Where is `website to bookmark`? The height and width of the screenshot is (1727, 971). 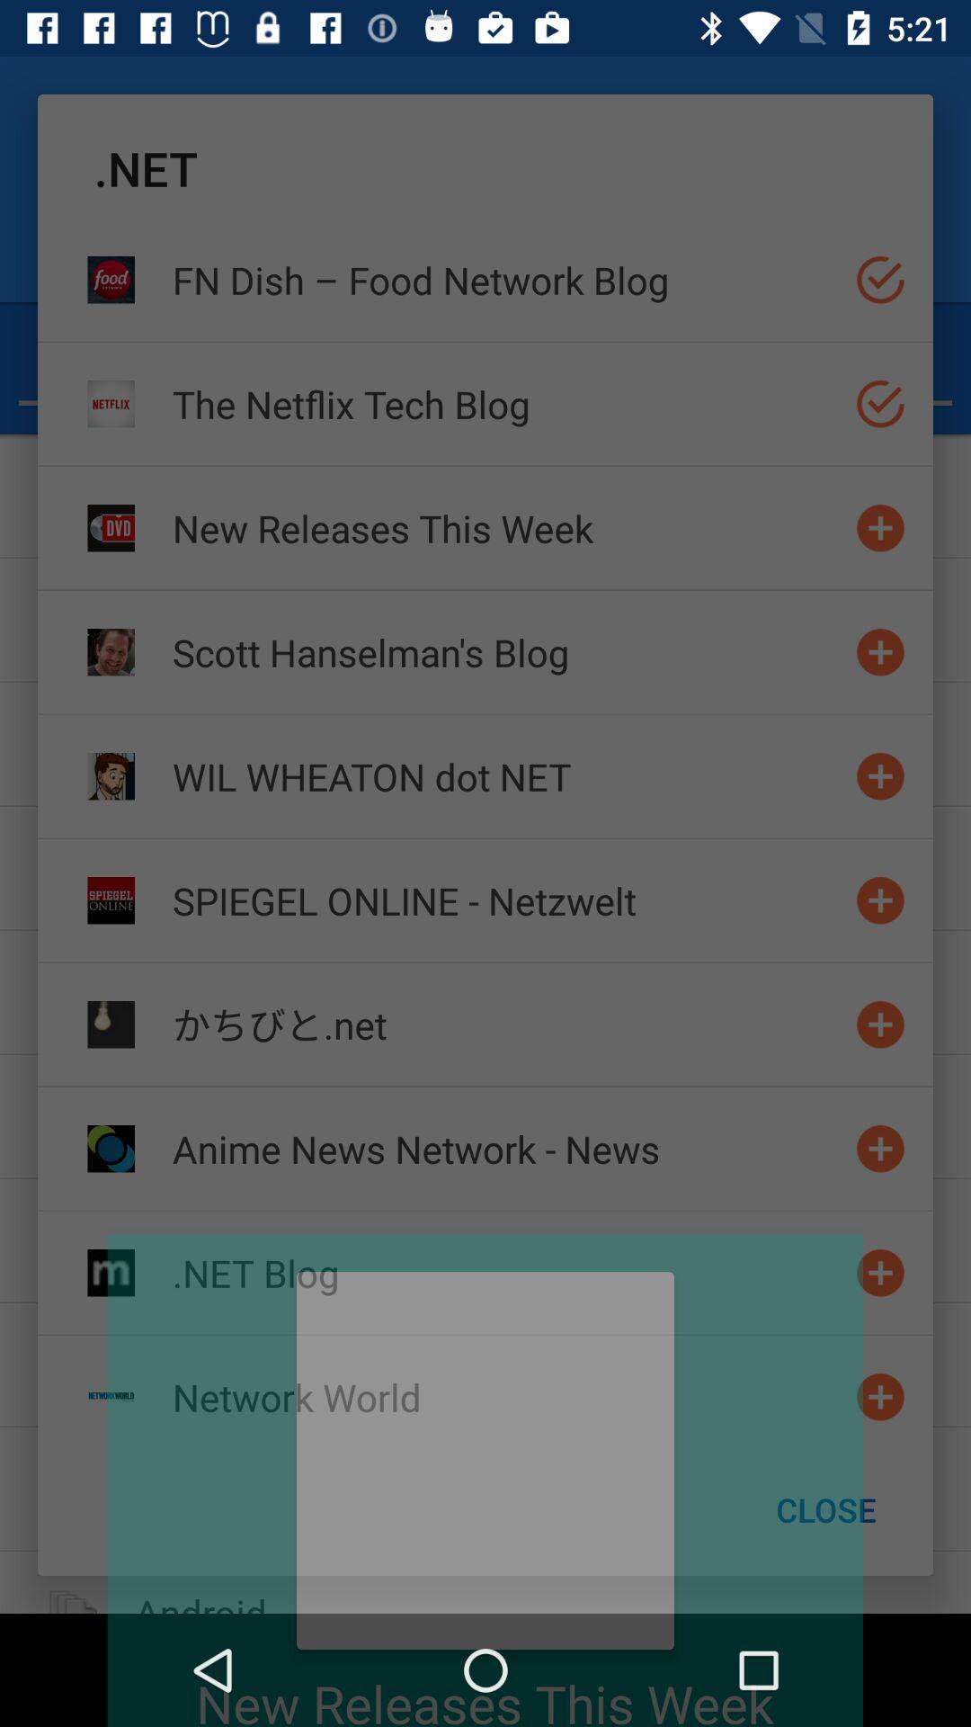 website to bookmark is located at coordinates (879, 527).